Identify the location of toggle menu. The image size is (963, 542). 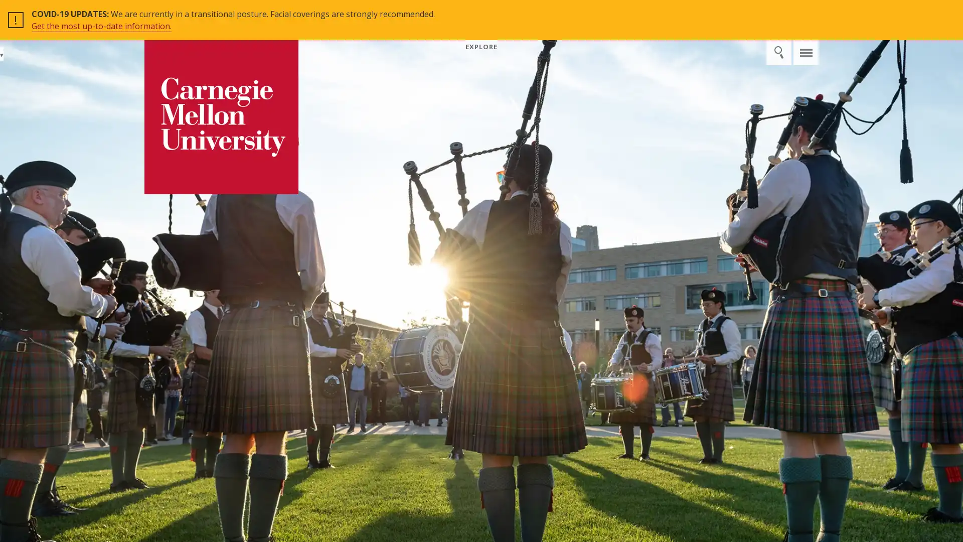
(806, 13).